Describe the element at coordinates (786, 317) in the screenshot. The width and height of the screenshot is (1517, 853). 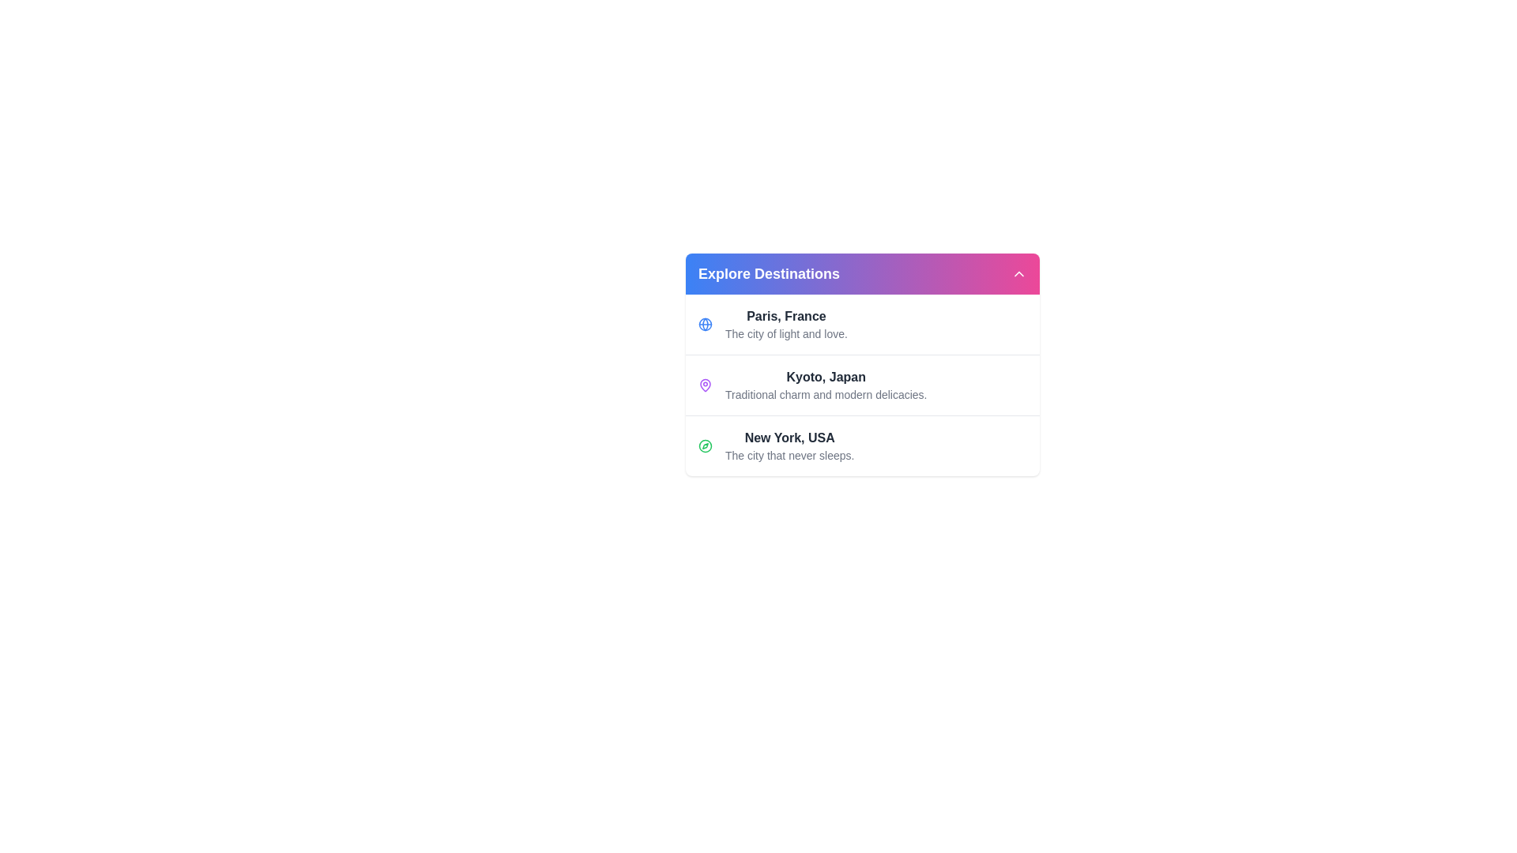
I see `text label displaying 'Paris, France' which is prominently positioned above a smaller description within the card layout under the header 'Explore Destinations.'` at that location.